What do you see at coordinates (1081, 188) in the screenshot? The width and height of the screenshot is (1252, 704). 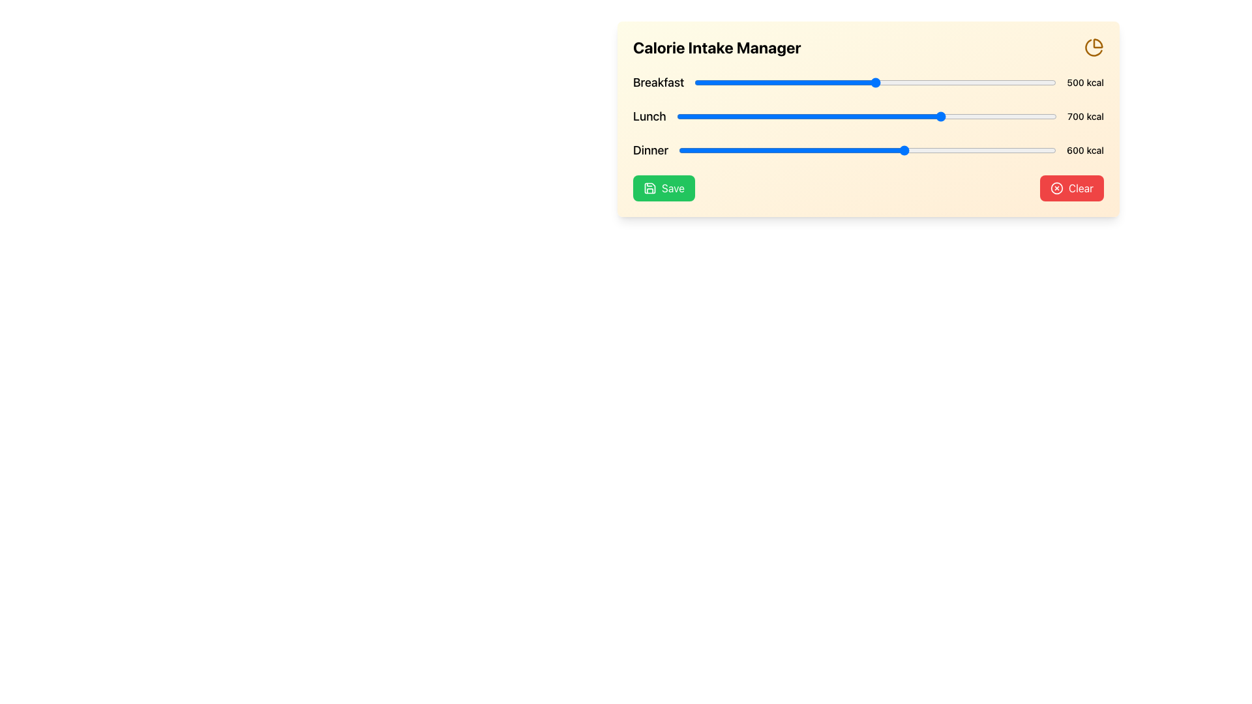 I see `the 'Clear' text label which is displayed in white within a red button, positioned to the right of the green 'Save' button` at bounding box center [1081, 188].